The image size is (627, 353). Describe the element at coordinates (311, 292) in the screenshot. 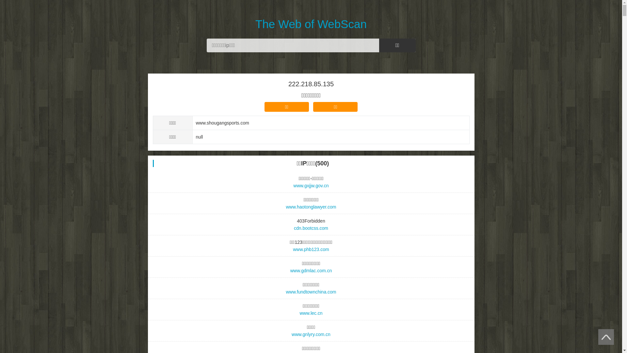

I see `'www.fundtownchina.com'` at that location.